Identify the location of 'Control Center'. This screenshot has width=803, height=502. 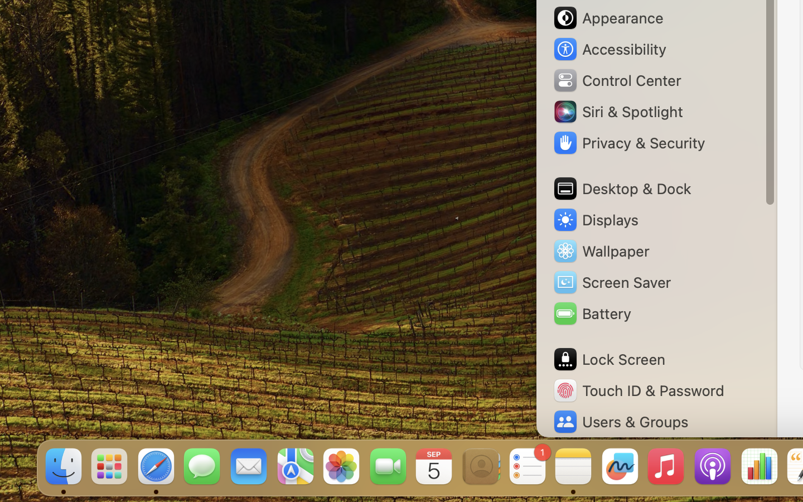
(616, 80).